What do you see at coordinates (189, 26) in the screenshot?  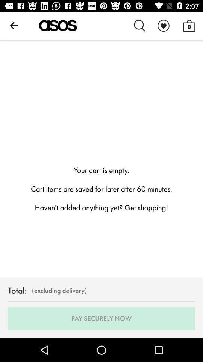 I see `0 icon` at bounding box center [189, 26].